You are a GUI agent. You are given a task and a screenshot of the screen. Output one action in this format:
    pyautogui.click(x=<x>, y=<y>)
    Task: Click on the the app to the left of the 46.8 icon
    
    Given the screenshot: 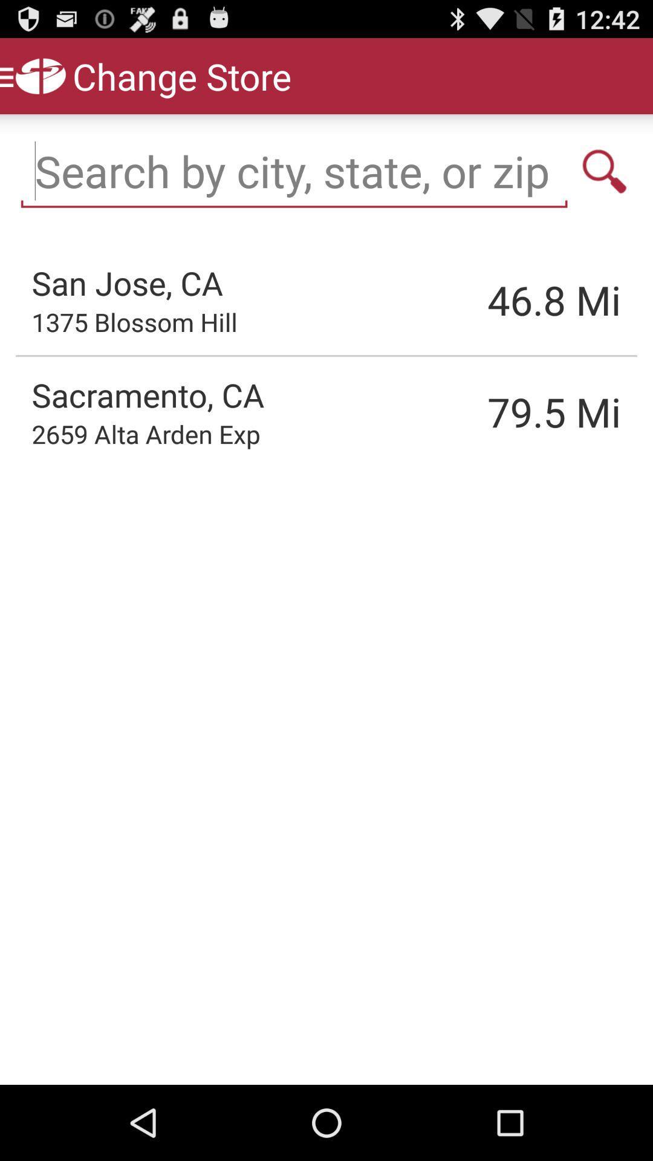 What is the action you would take?
    pyautogui.click(x=134, y=322)
    